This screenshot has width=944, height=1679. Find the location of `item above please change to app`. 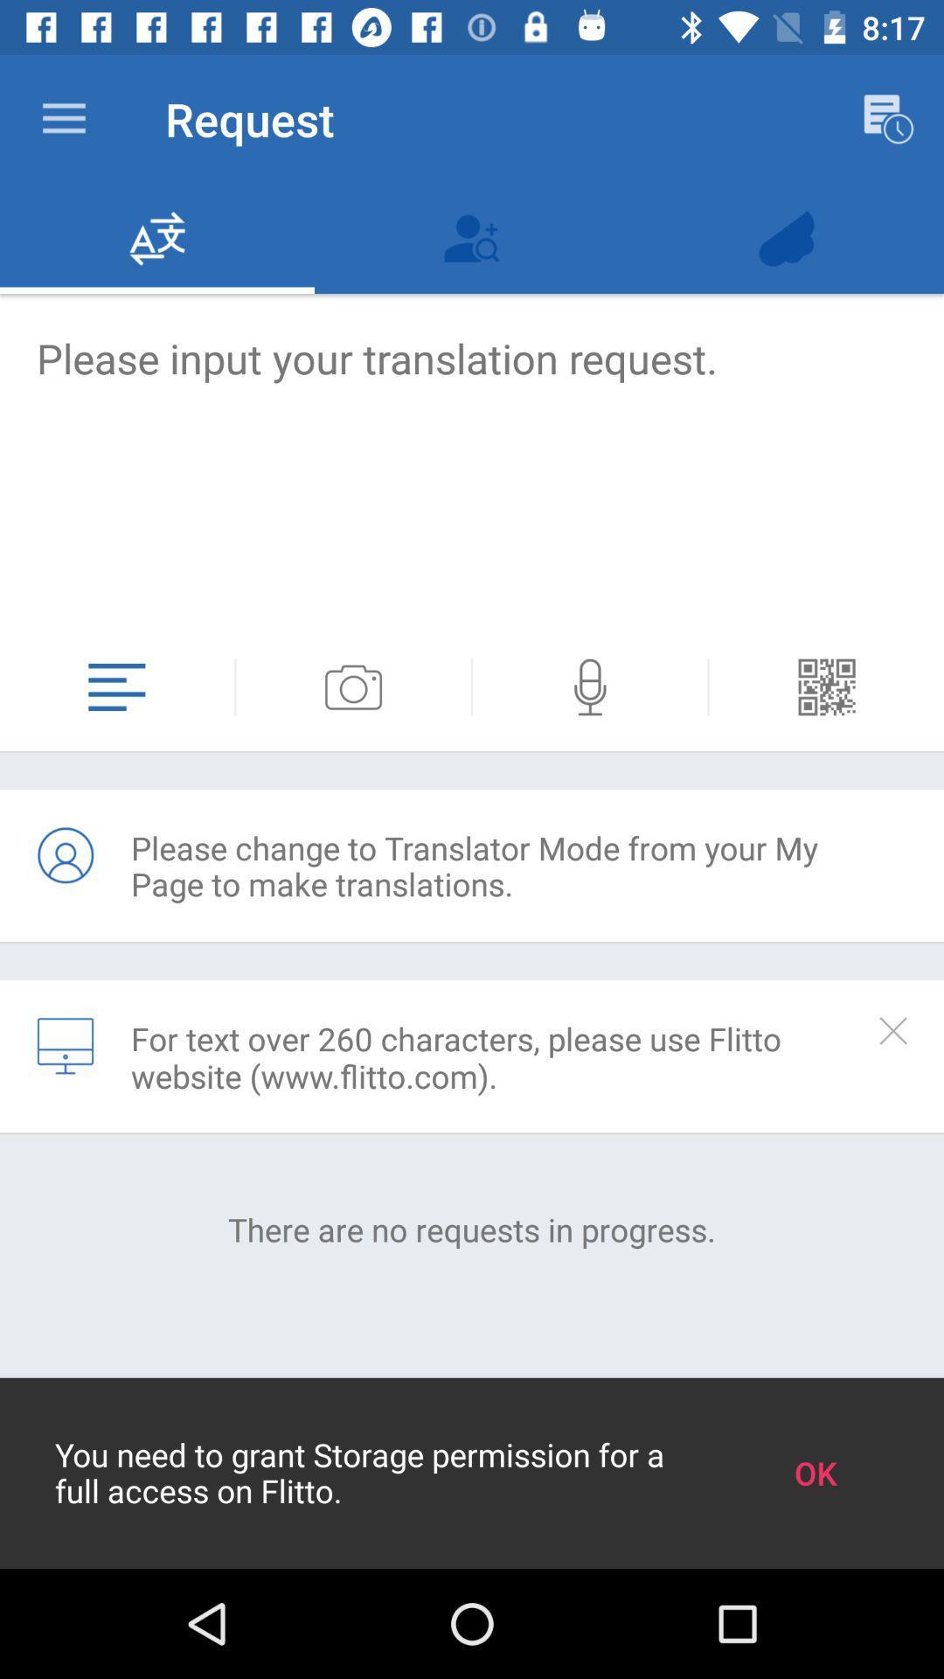

item above please change to app is located at coordinates (234, 686).